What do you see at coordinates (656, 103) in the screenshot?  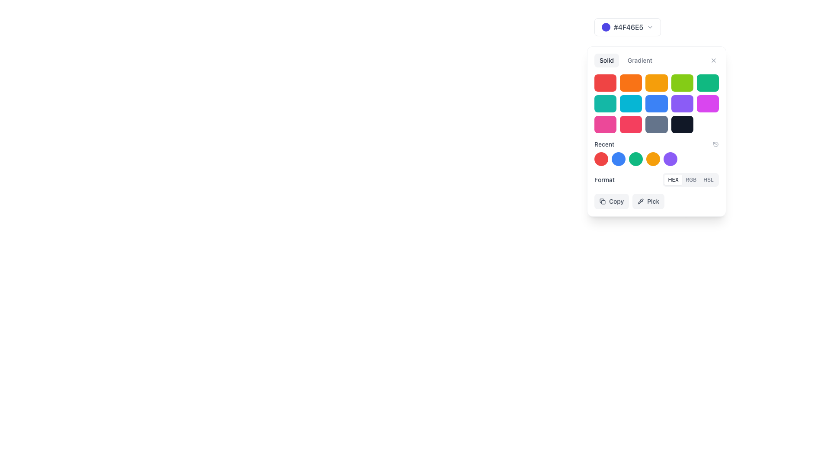 I see `the clickable button located in the third column of the second row within the grid layout` at bounding box center [656, 103].